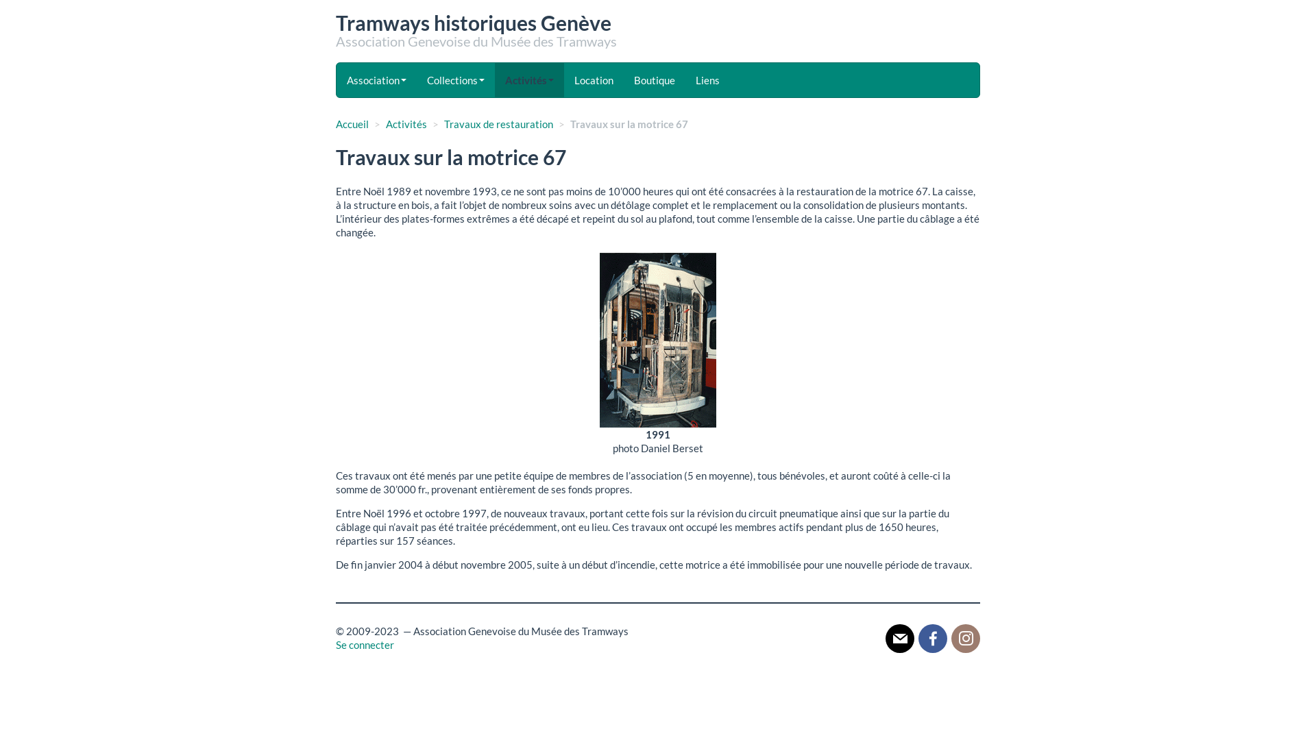 The image size is (1316, 740). Describe the element at coordinates (594, 79) in the screenshot. I see `'Location'` at that location.